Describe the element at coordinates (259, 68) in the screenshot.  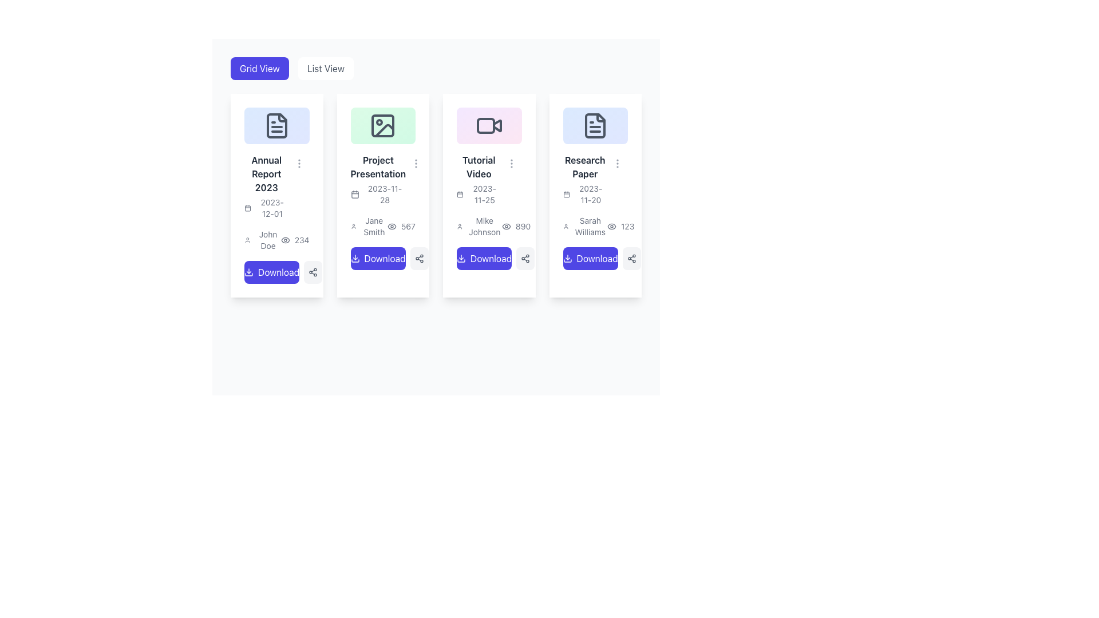
I see `the 'Grid View' button, which has a blue background and white text` at that location.